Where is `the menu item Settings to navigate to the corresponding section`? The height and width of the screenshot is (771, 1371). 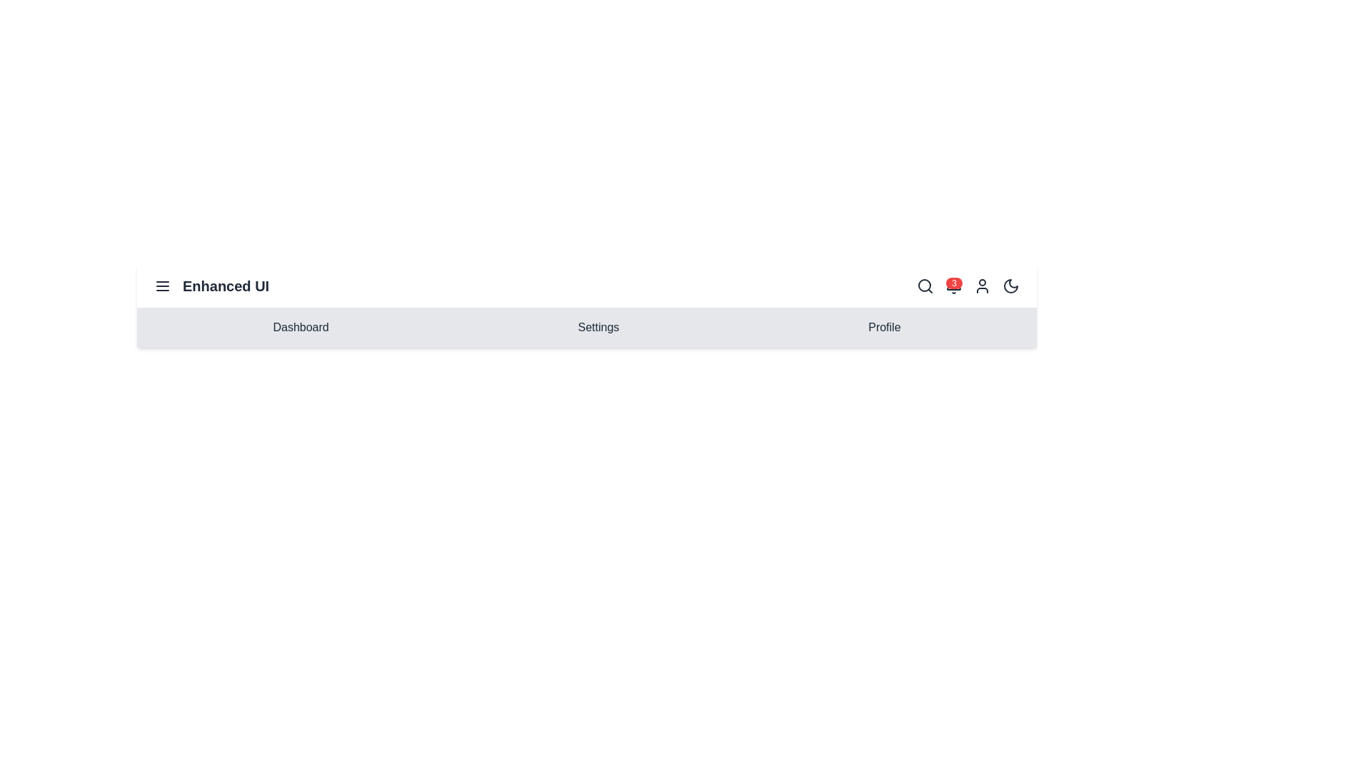 the menu item Settings to navigate to the corresponding section is located at coordinates (598, 328).